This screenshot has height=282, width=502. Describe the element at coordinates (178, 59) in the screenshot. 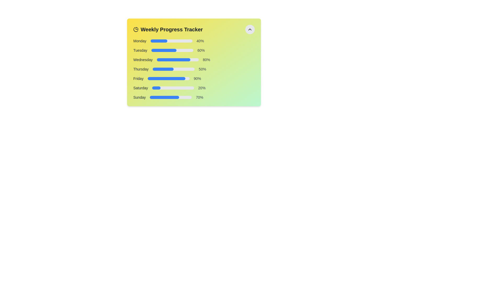

I see `the horizontal progress bar located to the right of the 'Wednesday' label in the 'Weekly Progress Tracker' component, which has a light gray background and a blue filled portion indicating 80% progress` at that location.